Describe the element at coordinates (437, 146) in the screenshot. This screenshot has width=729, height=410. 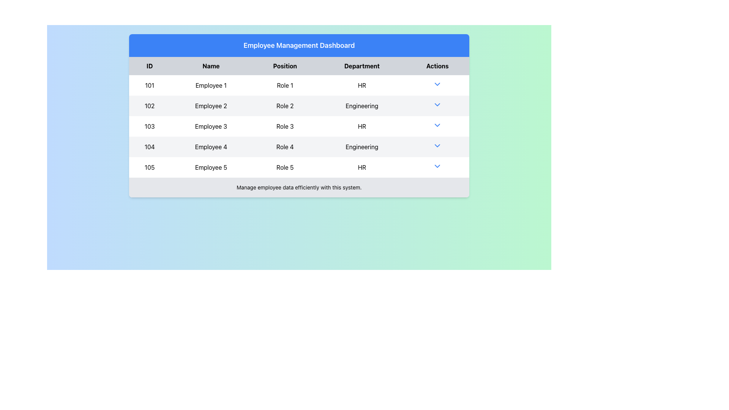
I see `the dropdown toggle icon located in the 'Actions' column of the fourth row for 'Employee 4'` at that location.